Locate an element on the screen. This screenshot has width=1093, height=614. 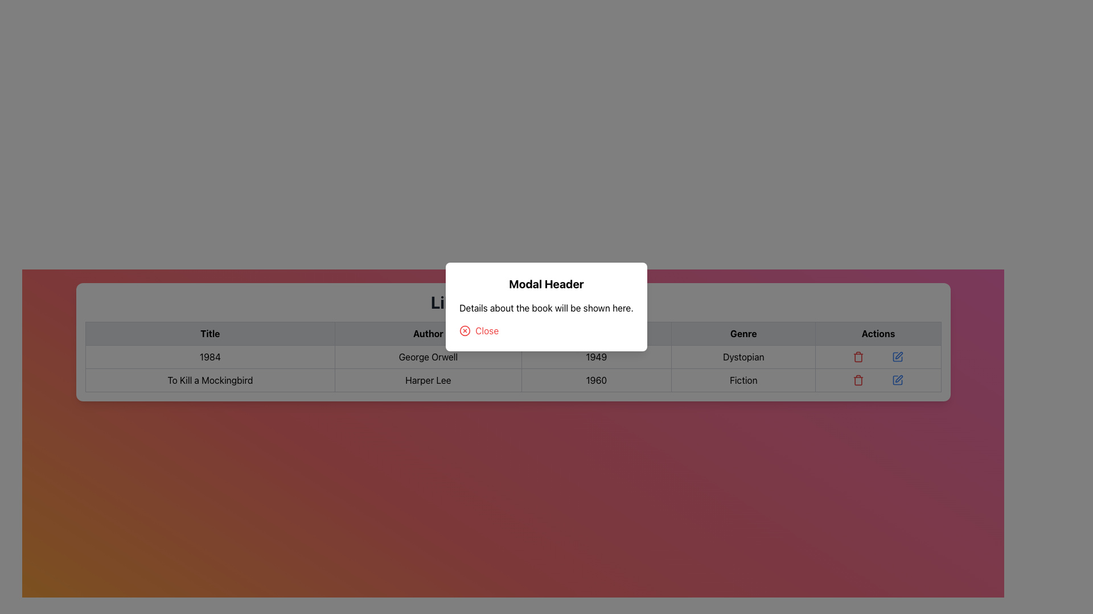
the Table Header Cell located at the rightmost position of the header row in the table, following the 'Genre' header is located at coordinates (877, 333).